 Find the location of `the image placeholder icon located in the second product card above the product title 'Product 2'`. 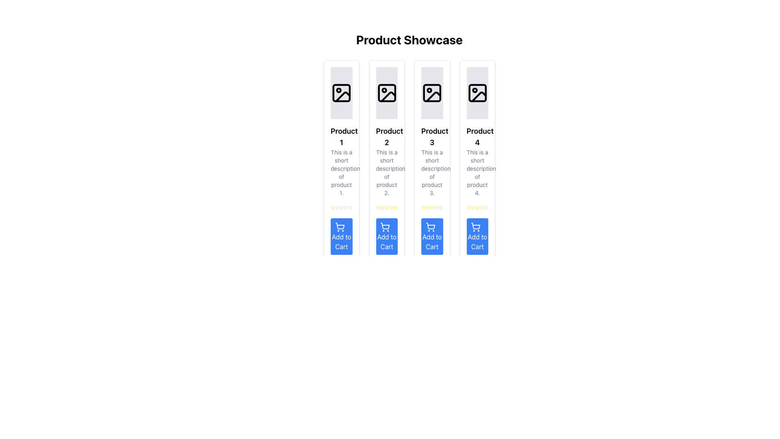

the image placeholder icon located in the second product card above the product title 'Product 2' is located at coordinates (386, 92).